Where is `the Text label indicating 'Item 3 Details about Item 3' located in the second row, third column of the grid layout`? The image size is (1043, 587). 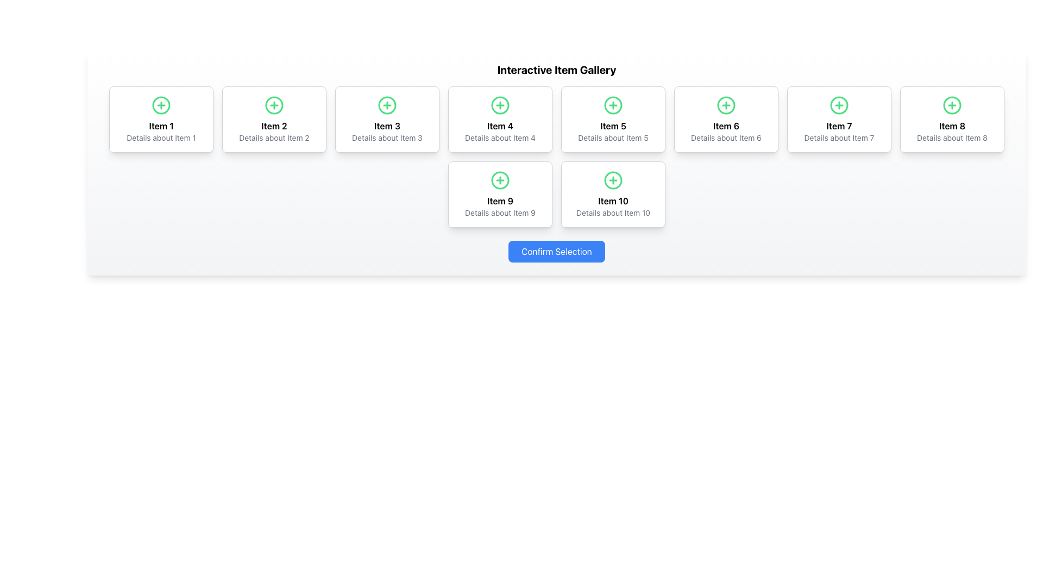 the Text label indicating 'Item 3 Details about Item 3' located in the second row, third column of the grid layout is located at coordinates (387, 125).